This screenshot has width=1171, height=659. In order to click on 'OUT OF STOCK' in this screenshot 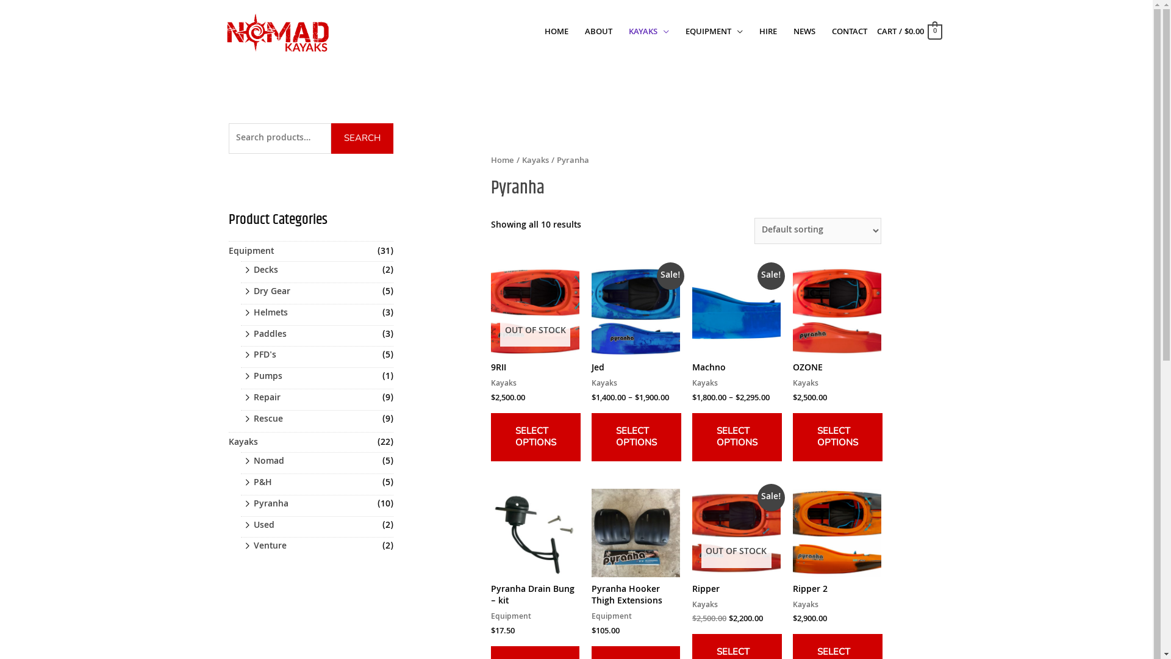, I will do `click(491, 311)`.